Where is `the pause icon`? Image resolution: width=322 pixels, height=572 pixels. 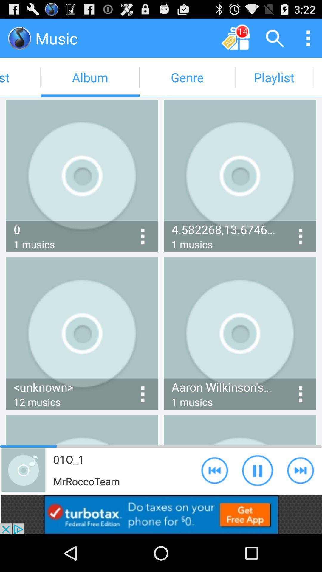
the pause icon is located at coordinates (257, 503).